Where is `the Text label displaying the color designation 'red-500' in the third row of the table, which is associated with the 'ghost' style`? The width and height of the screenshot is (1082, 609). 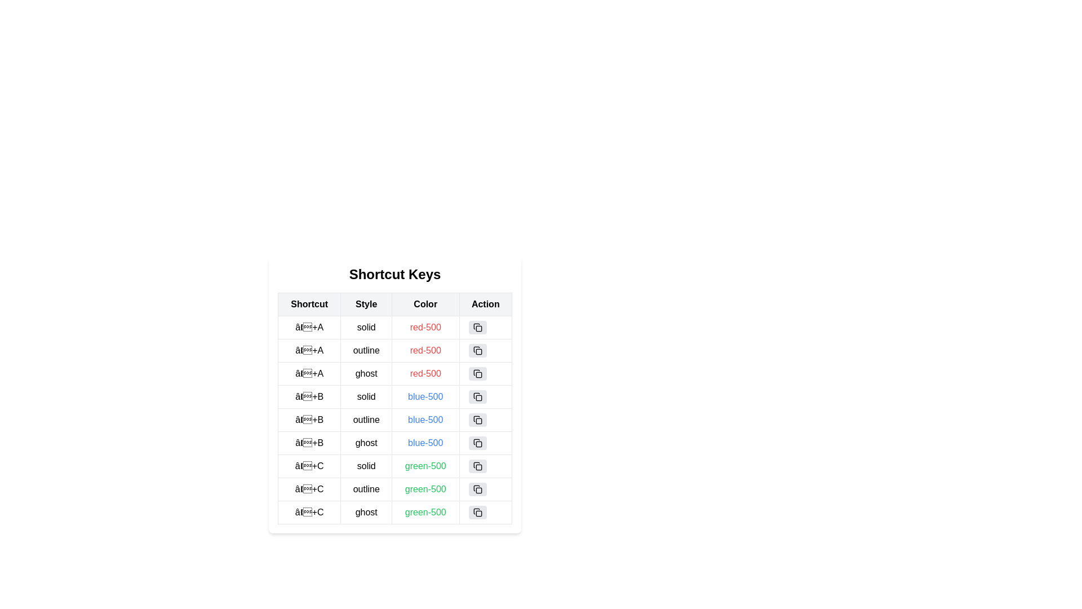 the Text label displaying the color designation 'red-500' in the third row of the table, which is associated with the 'ghost' style is located at coordinates (425, 374).